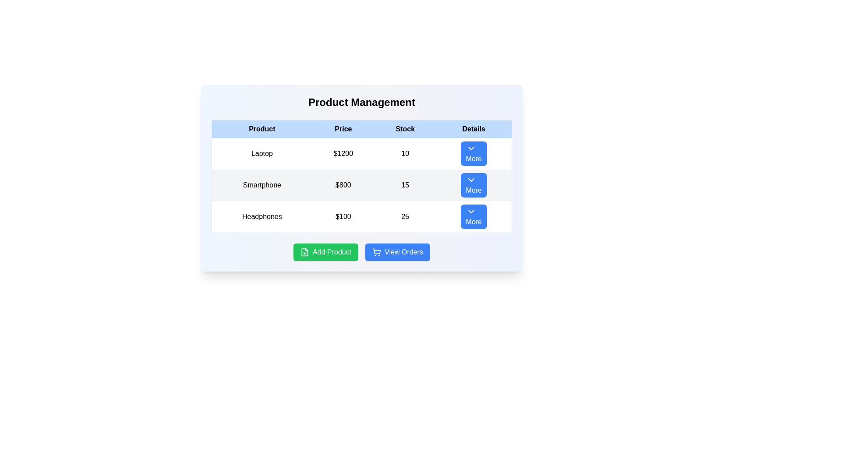 This screenshot has height=473, width=841. I want to click on the 'More' button with a blue background, white text, and a downward-facing chevron icon, located in the third row of the table under the 'Details' column, so click(473, 216).